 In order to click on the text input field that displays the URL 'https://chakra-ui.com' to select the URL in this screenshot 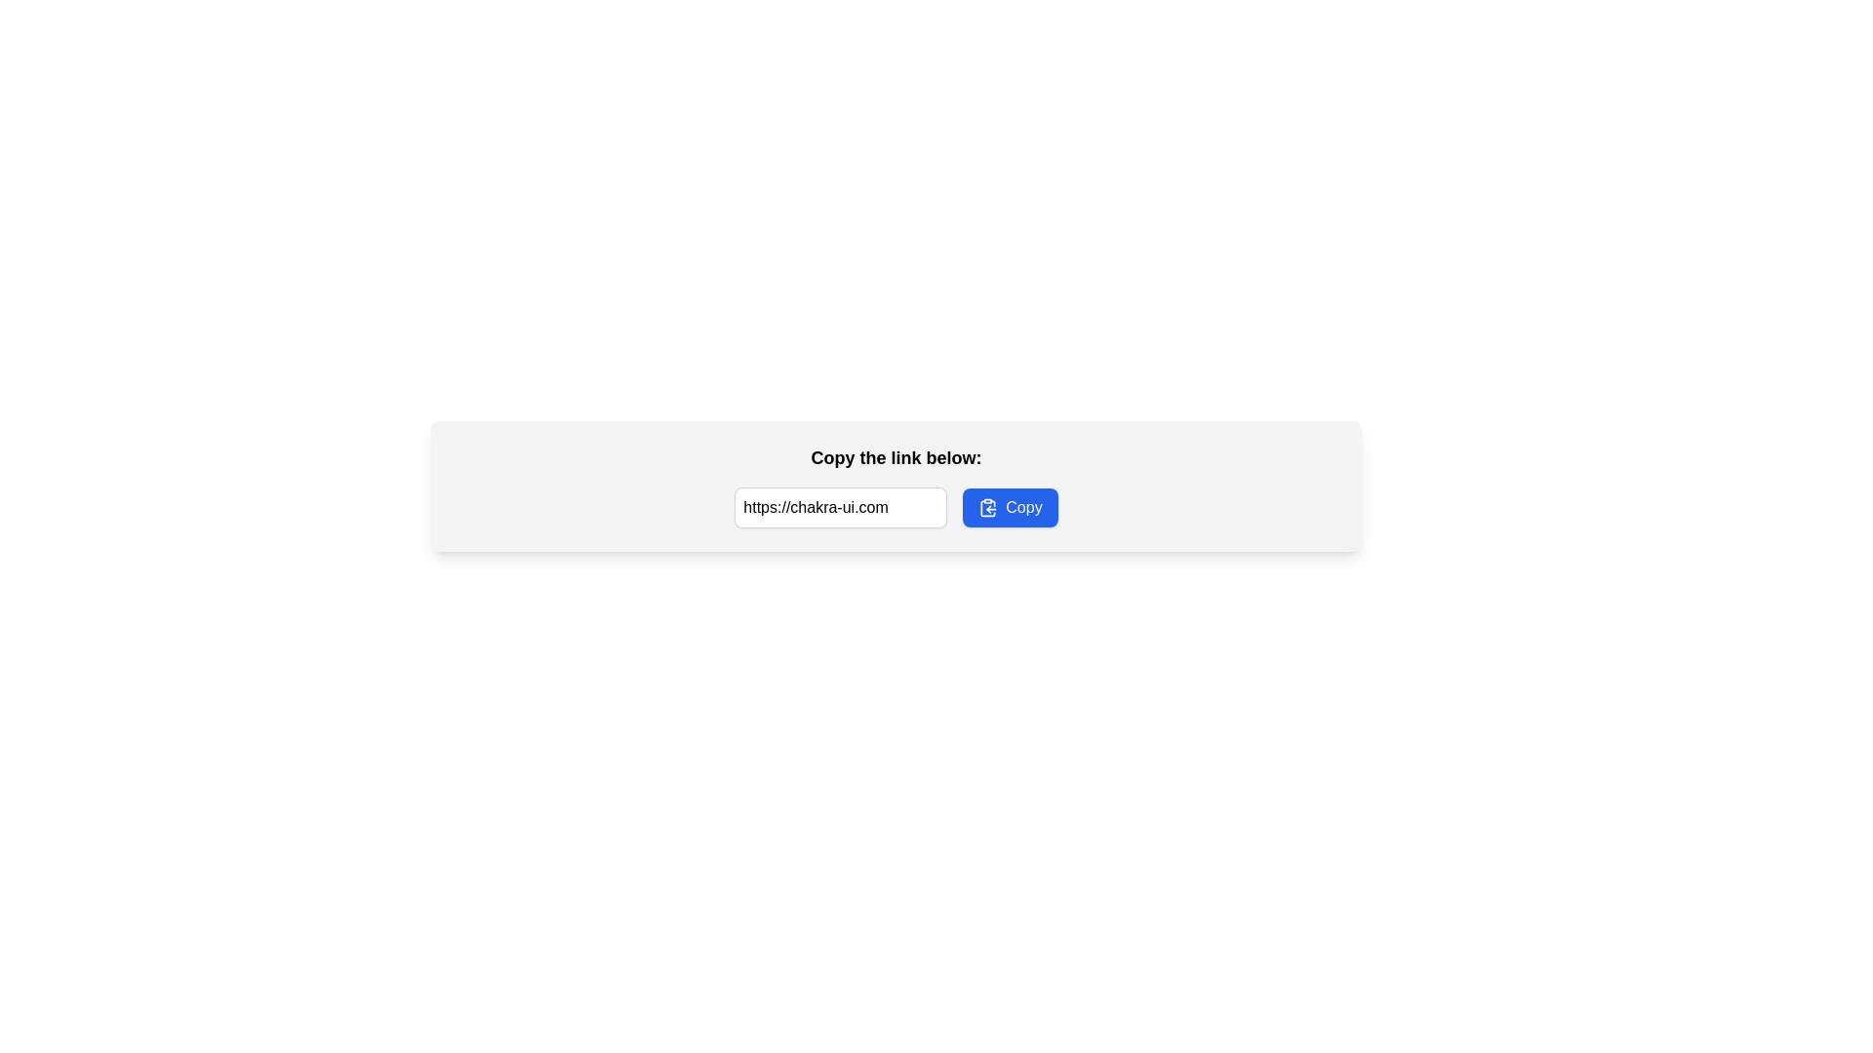, I will do `click(841, 506)`.